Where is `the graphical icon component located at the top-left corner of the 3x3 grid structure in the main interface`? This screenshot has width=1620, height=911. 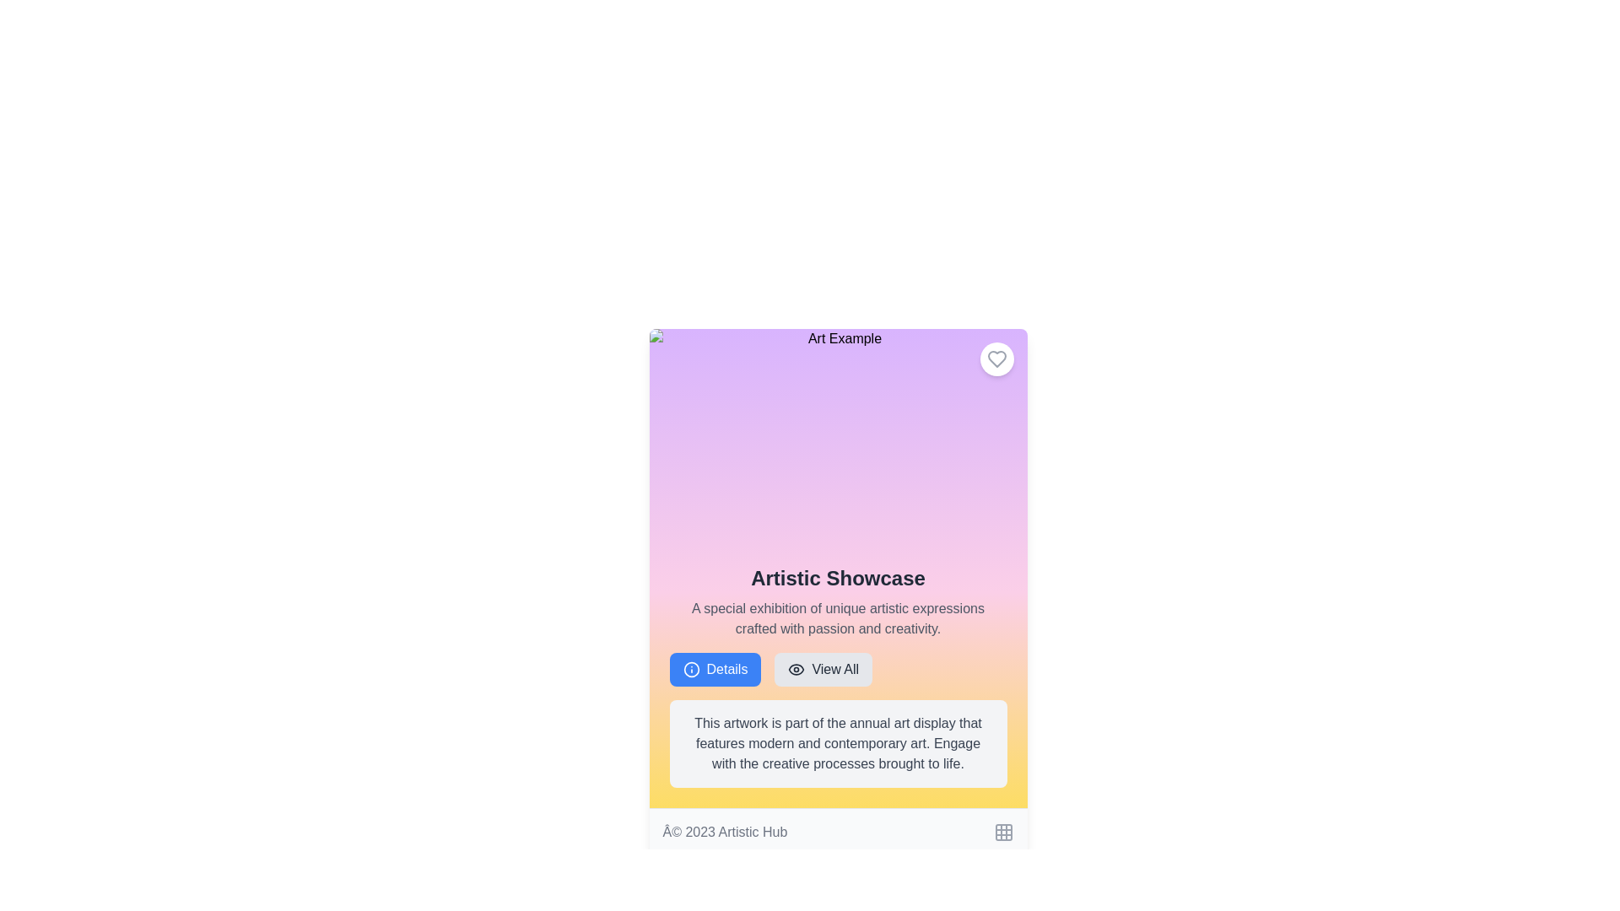 the graphical icon component located at the top-left corner of the 3x3 grid structure in the main interface is located at coordinates (1003, 832).